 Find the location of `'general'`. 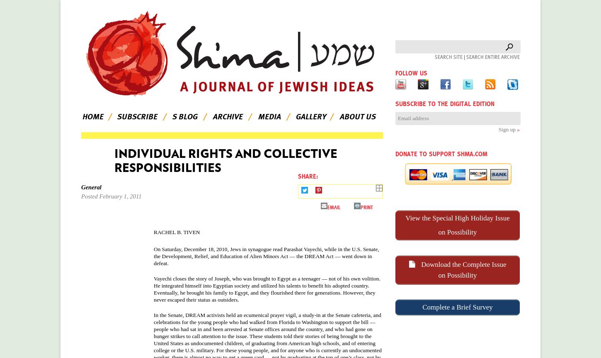

'general' is located at coordinates (90, 187).